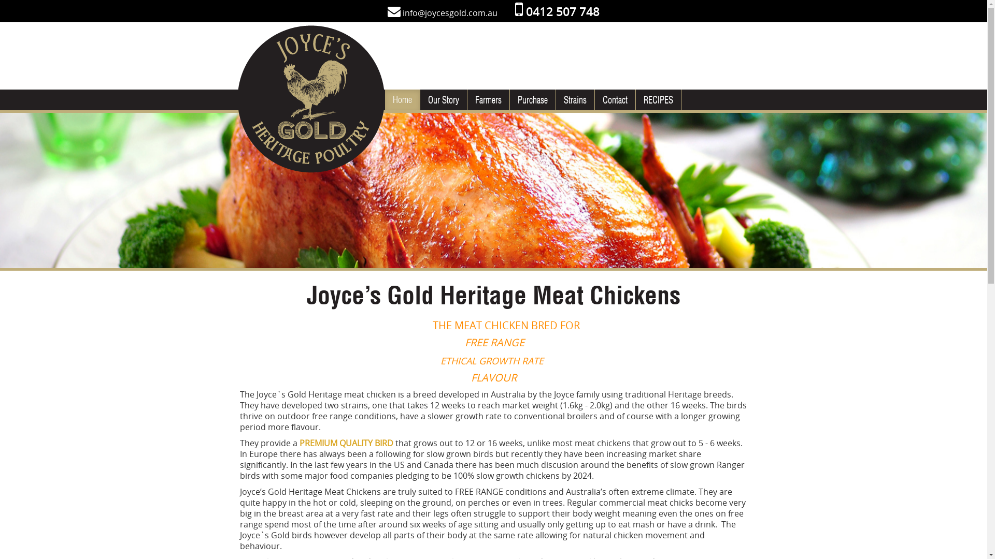 The height and width of the screenshot is (559, 995). Describe the element at coordinates (532, 99) in the screenshot. I see `'Purchase'` at that location.